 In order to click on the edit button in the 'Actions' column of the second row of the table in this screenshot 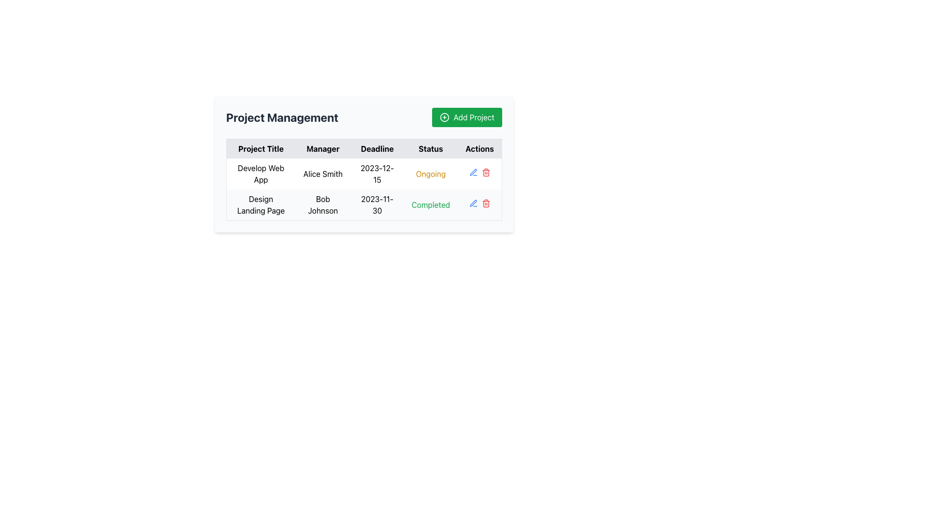, I will do `click(473, 172)`.